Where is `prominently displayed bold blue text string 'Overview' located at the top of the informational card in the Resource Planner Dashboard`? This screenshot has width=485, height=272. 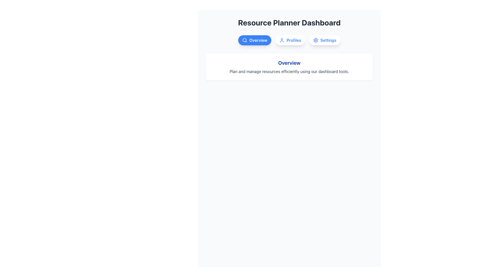 prominently displayed bold blue text string 'Overview' located at the top of the informational card in the Resource Planner Dashboard is located at coordinates (289, 63).